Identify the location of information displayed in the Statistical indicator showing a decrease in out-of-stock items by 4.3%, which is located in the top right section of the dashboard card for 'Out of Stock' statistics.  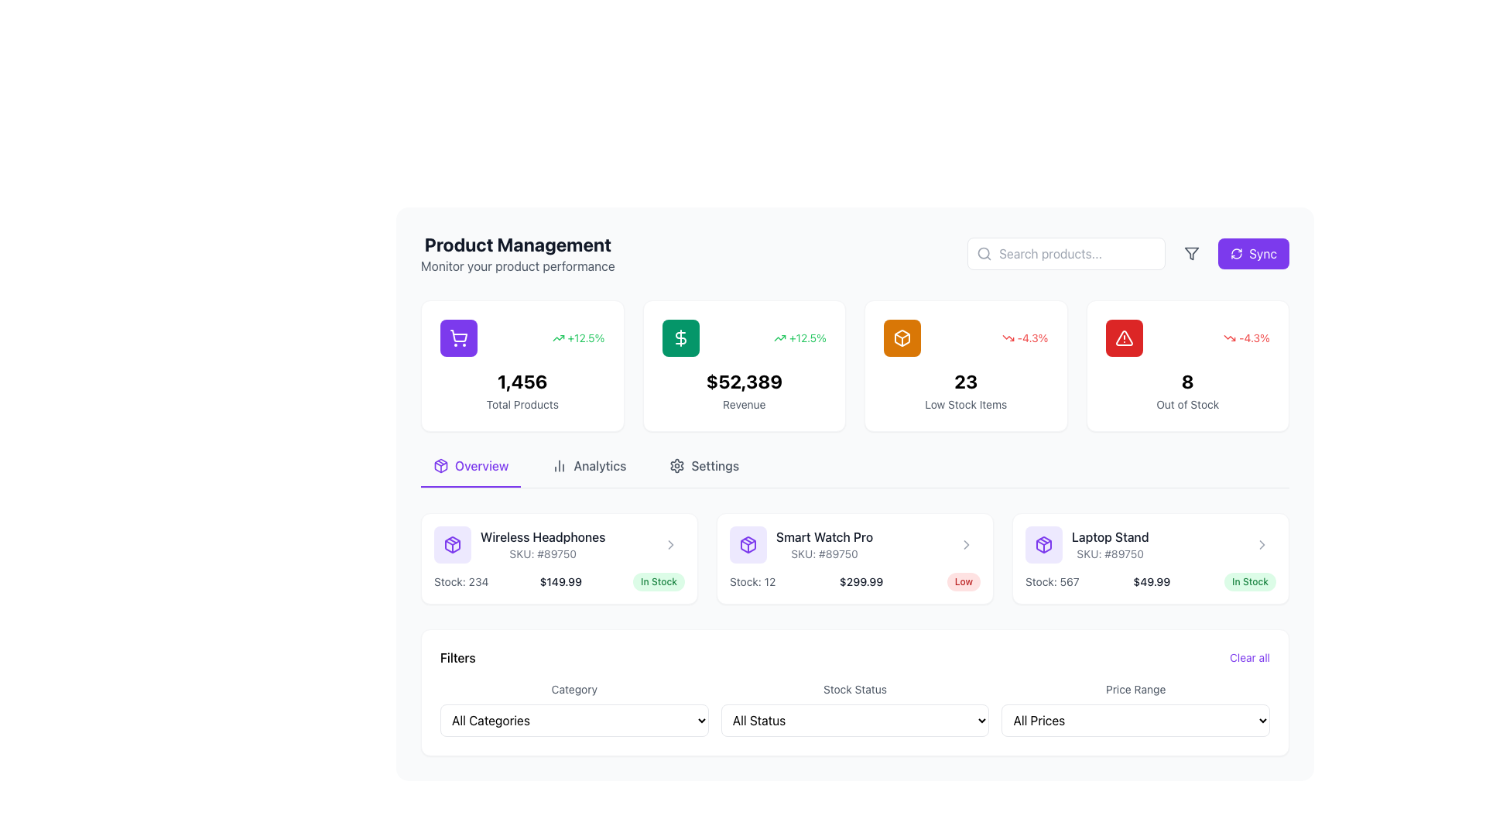
(1247, 337).